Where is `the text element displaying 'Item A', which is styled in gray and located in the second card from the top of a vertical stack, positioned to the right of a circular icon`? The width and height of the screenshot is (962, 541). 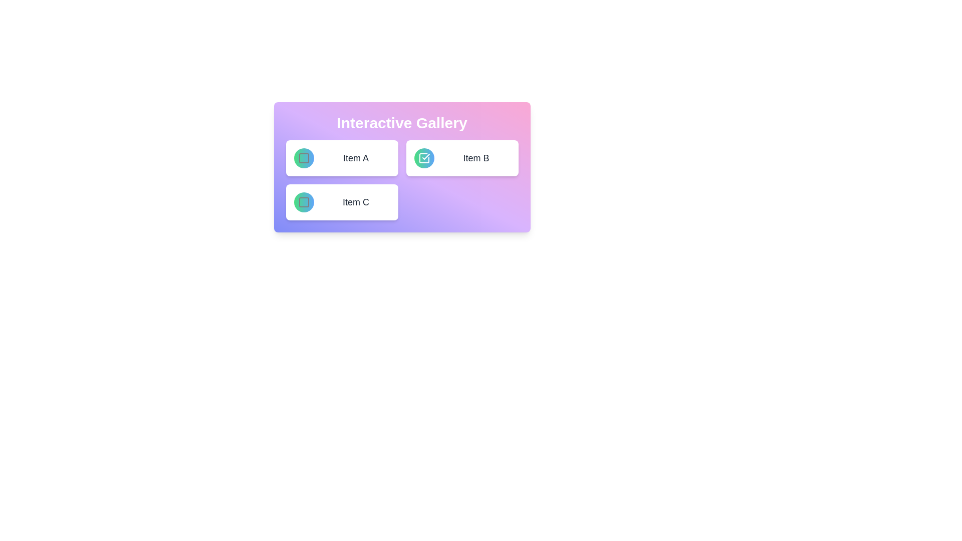 the text element displaying 'Item A', which is styled in gray and located in the second card from the top of a vertical stack, positioned to the right of a circular icon is located at coordinates (356, 158).